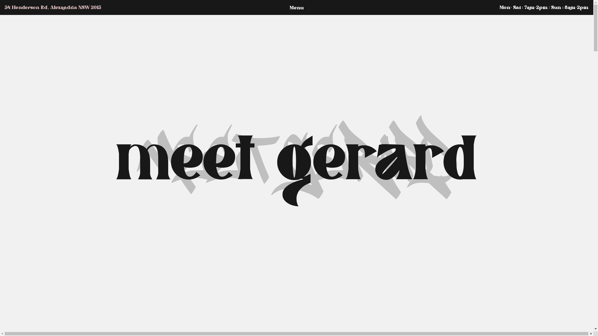 The width and height of the screenshot is (598, 336). I want to click on 'Menu', so click(296, 8).